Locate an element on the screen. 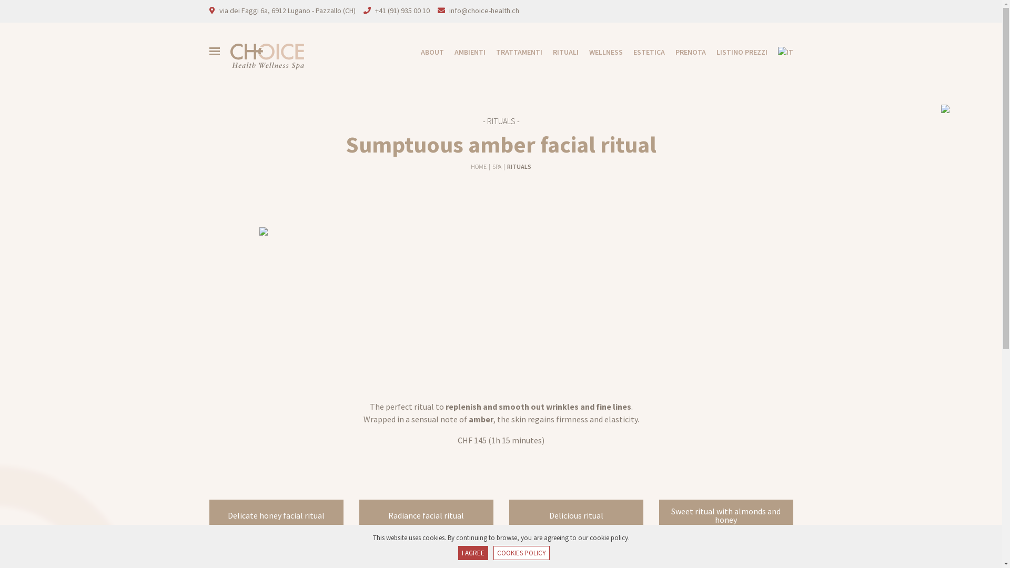 The height and width of the screenshot is (568, 1010). 'Radiance facial ritual' is located at coordinates (426, 514).